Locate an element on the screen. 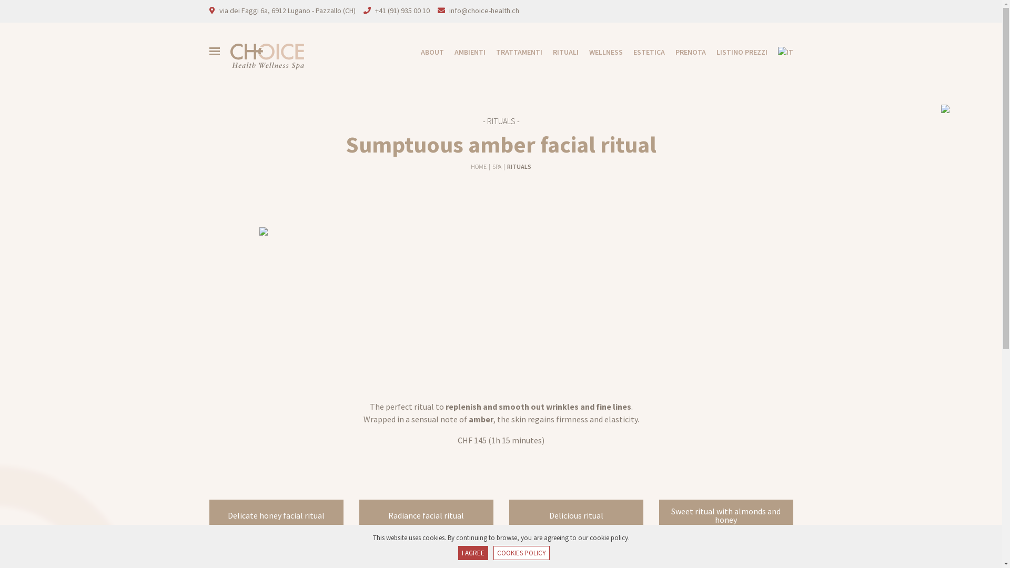 The height and width of the screenshot is (568, 1010). 'Radiance facial ritual' is located at coordinates (426, 514).